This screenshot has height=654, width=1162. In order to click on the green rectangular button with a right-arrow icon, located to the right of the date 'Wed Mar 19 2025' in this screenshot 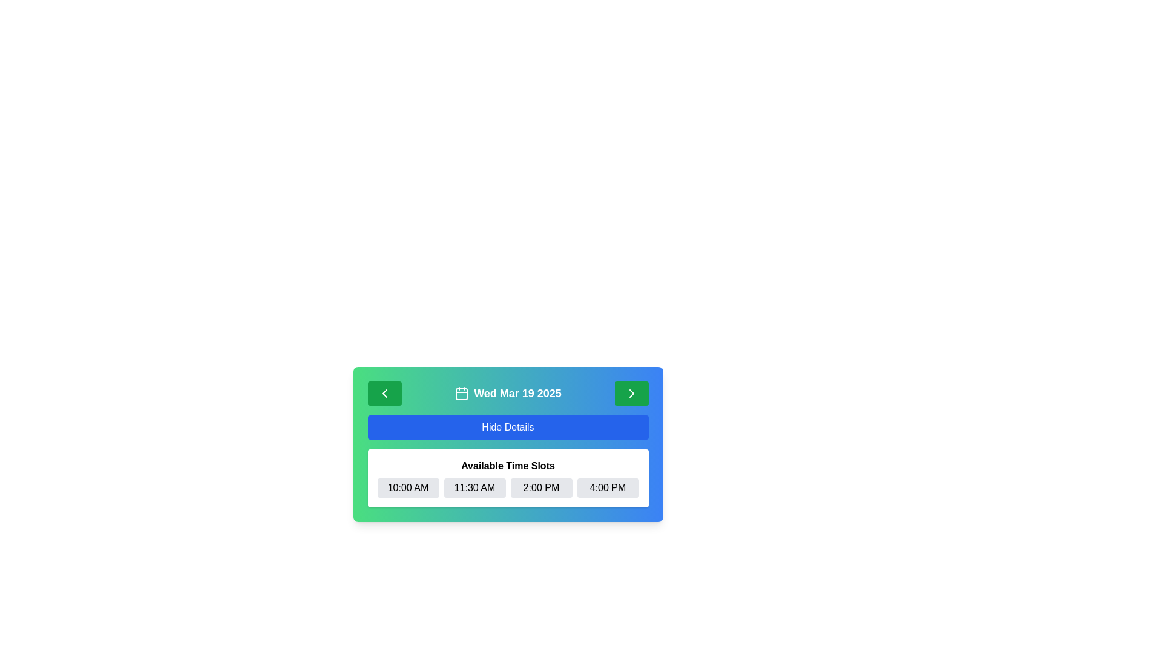, I will do `click(631, 394)`.